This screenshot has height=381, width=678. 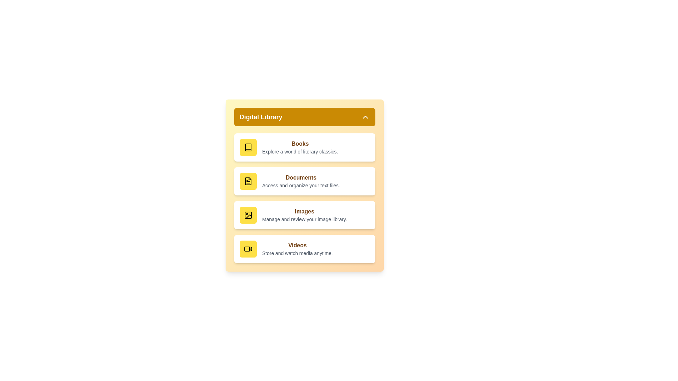 I want to click on the description of the Videos section, so click(x=297, y=253).